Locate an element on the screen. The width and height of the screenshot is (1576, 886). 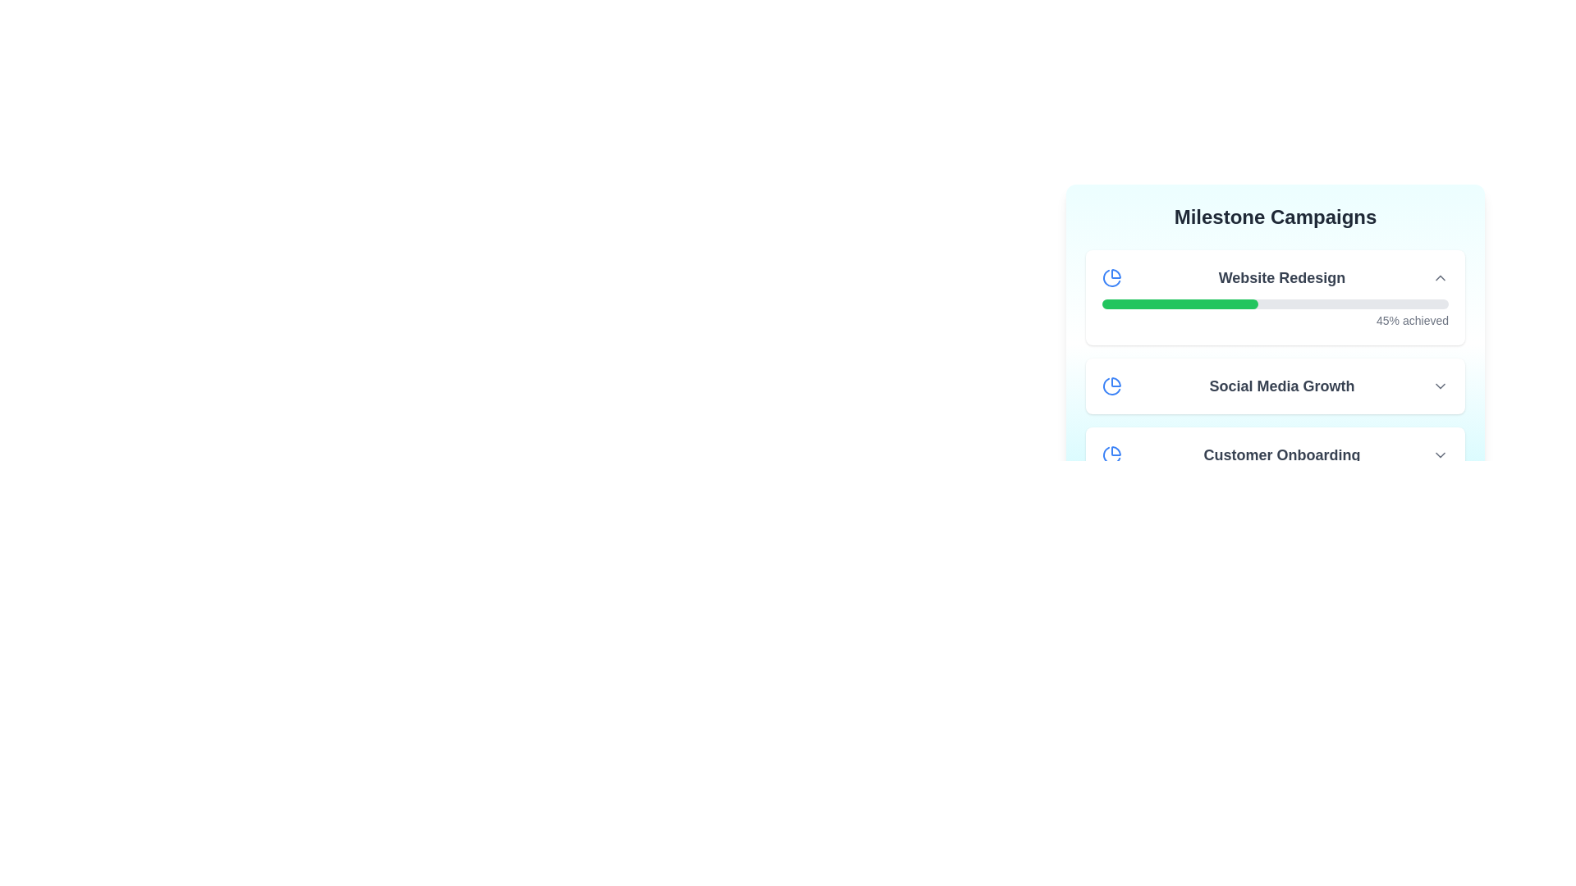
the pie chart icon with a thin blue outline located in the 'Website Redesign' section of the 'Milestone Campaigns' widget, positioned directly before the text label 'Website Redesign' is located at coordinates (1111, 277).